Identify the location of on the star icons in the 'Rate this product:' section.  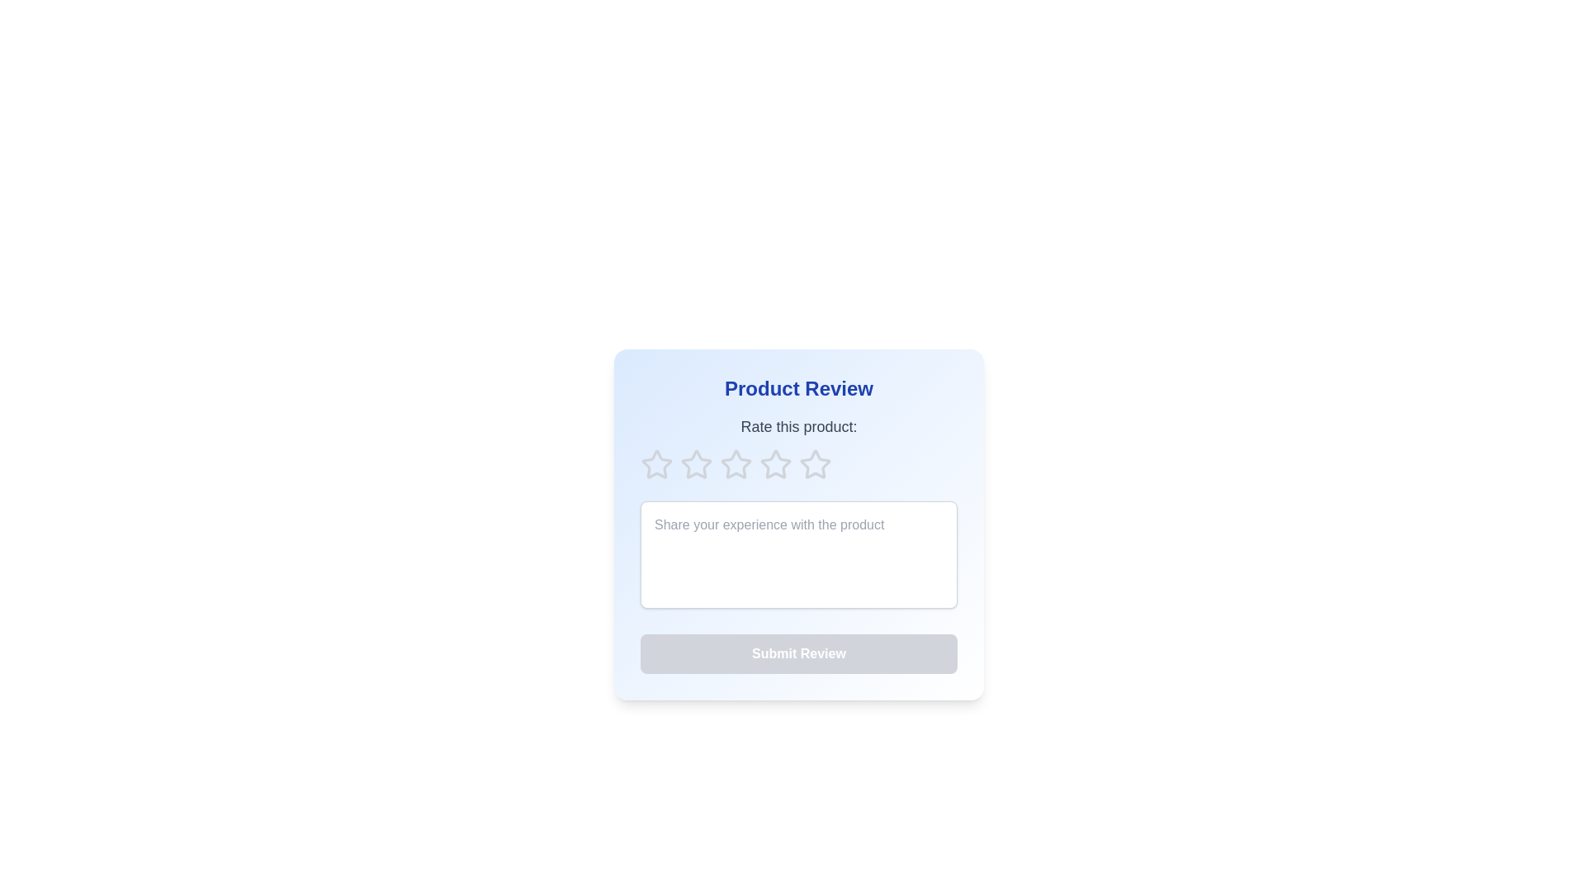
(799, 448).